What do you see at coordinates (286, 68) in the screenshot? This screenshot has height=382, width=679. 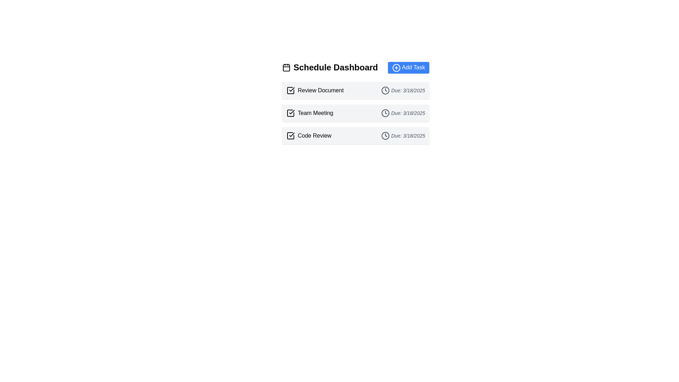 I see `the calendar icon located to the left of the 'Schedule Dashboard' text at the center-top of the interface` at bounding box center [286, 68].